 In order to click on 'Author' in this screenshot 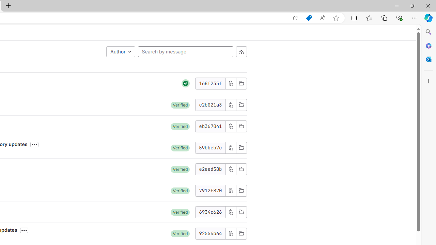, I will do `click(121, 51)`.